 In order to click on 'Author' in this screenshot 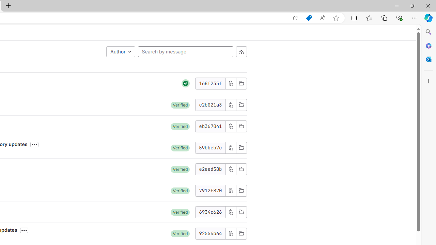, I will do `click(121, 51)`.